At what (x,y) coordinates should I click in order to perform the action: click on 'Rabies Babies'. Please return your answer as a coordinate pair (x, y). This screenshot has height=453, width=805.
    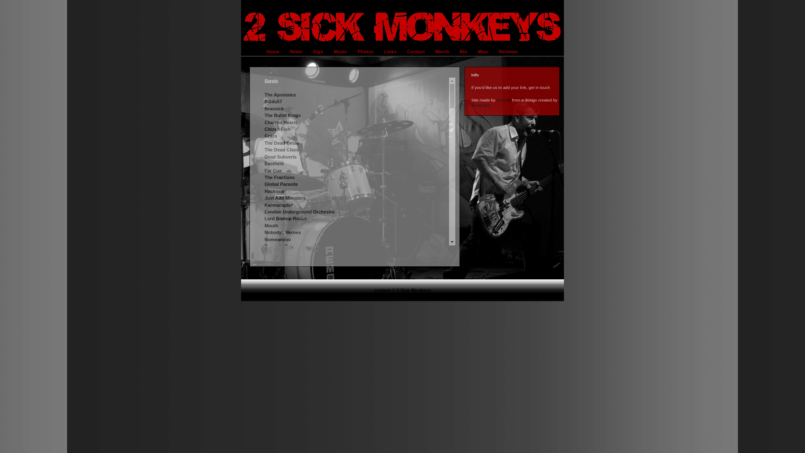
    Looking at the image, I should click on (280, 252).